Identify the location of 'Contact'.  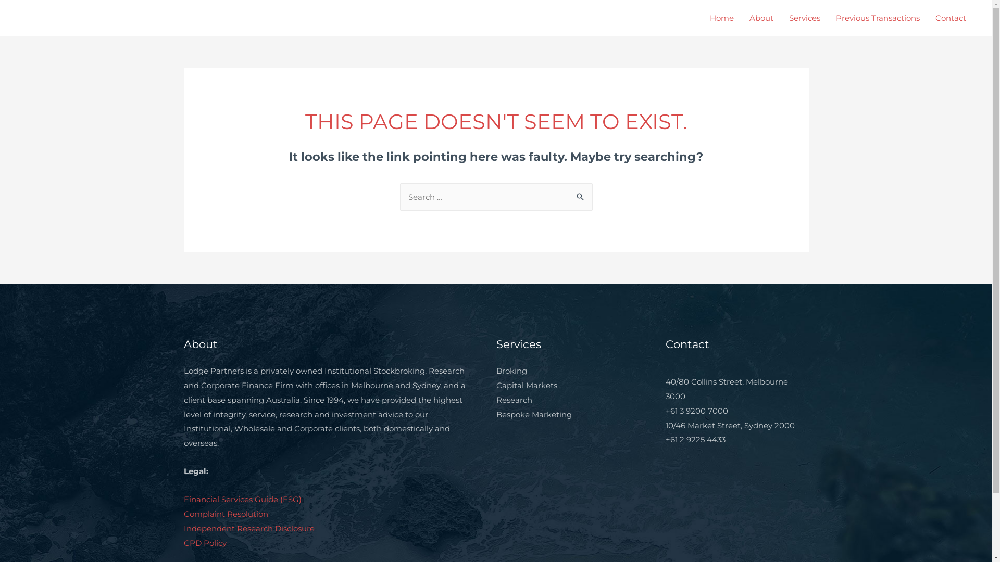
(927, 18).